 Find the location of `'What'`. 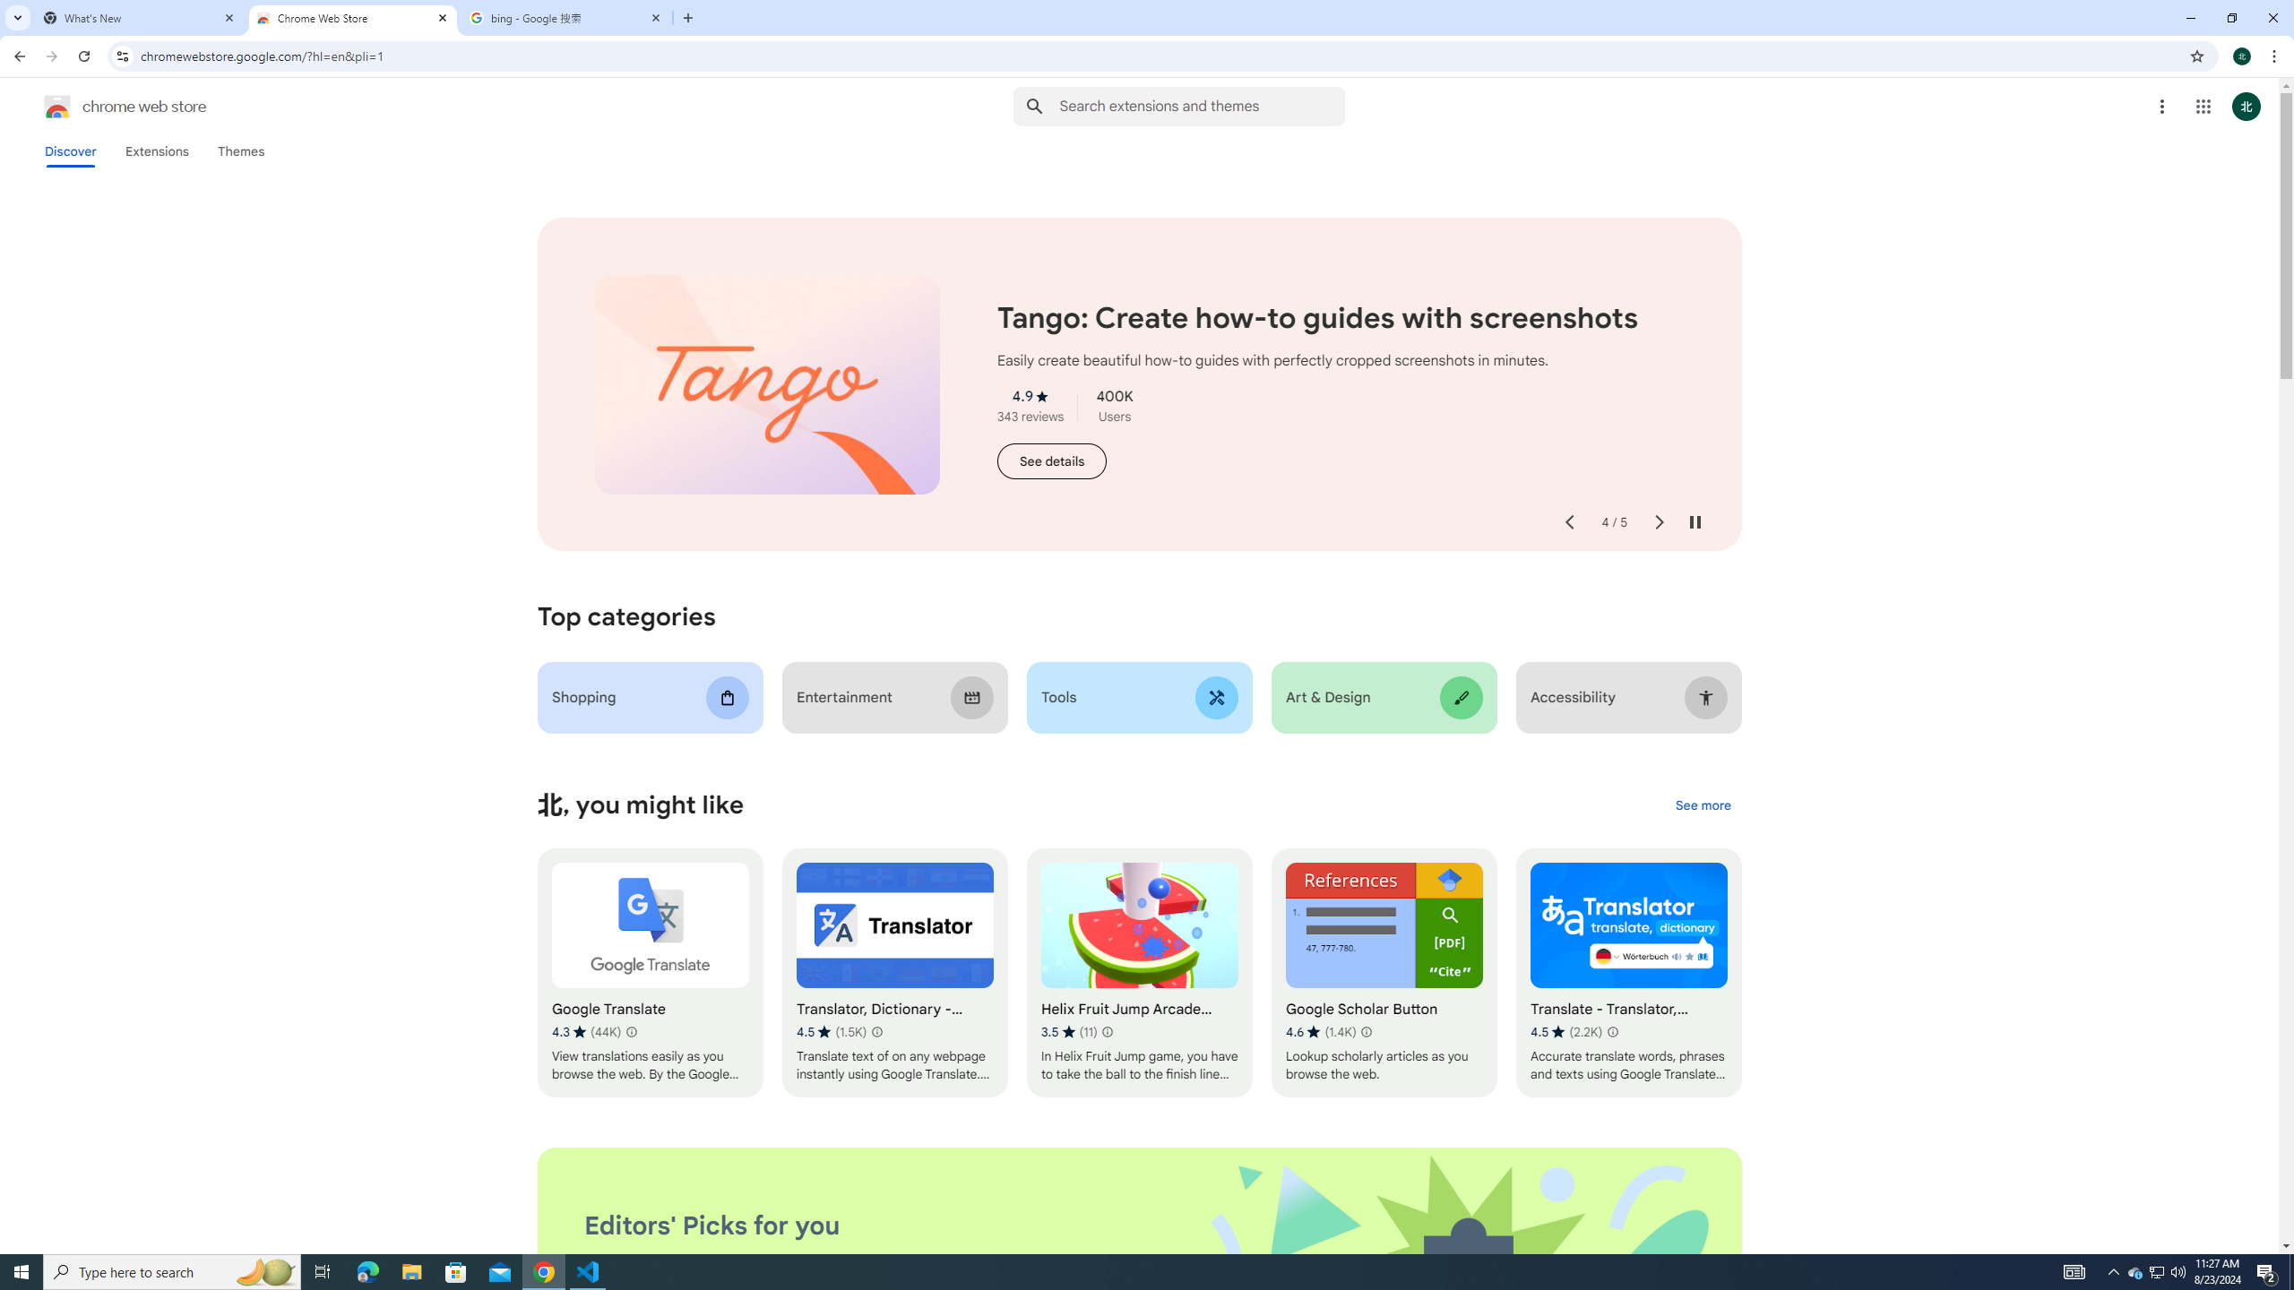

'What' is located at coordinates (139, 17).